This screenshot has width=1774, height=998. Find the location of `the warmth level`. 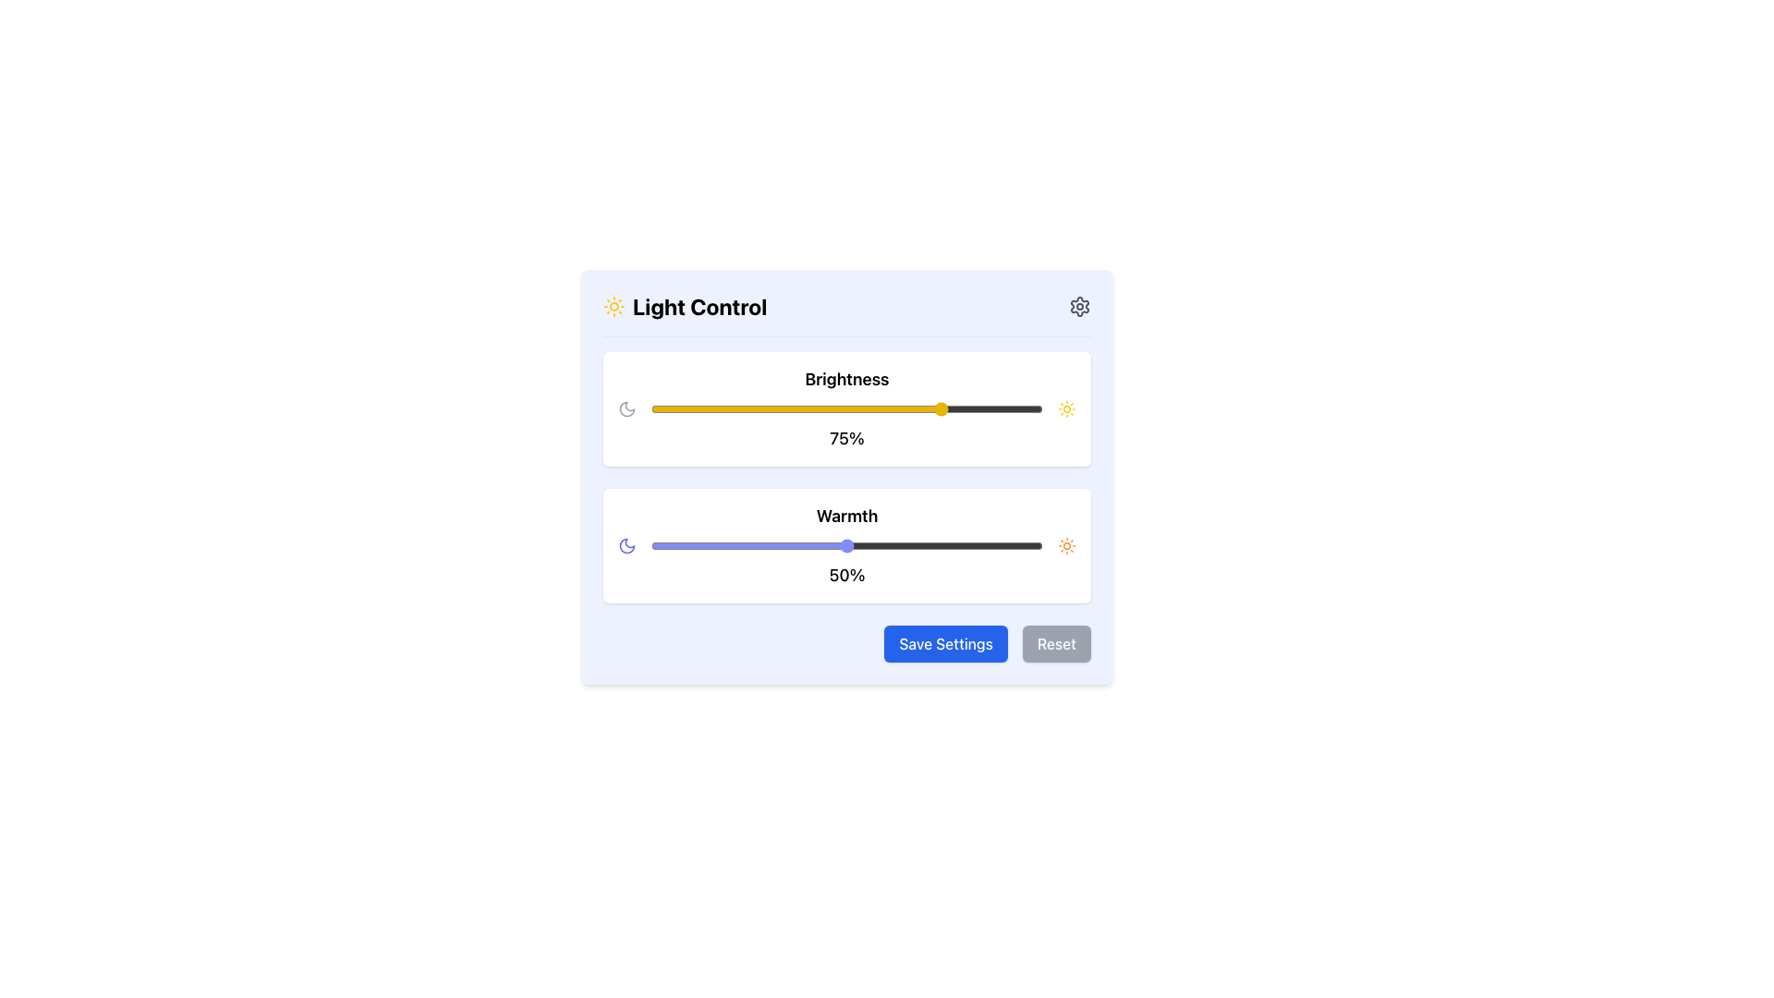

the warmth level is located at coordinates (724, 544).